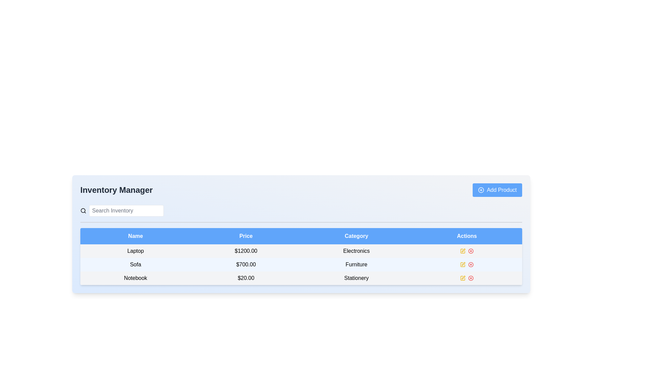 This screenshot has height=366, width=651. What do you see at coordinates (480, 190) in the screenshot?
I see `the circular part of the add icon located inside the 'Add Product' button at the top right corner of the interface` at bounding box center [480, 190].